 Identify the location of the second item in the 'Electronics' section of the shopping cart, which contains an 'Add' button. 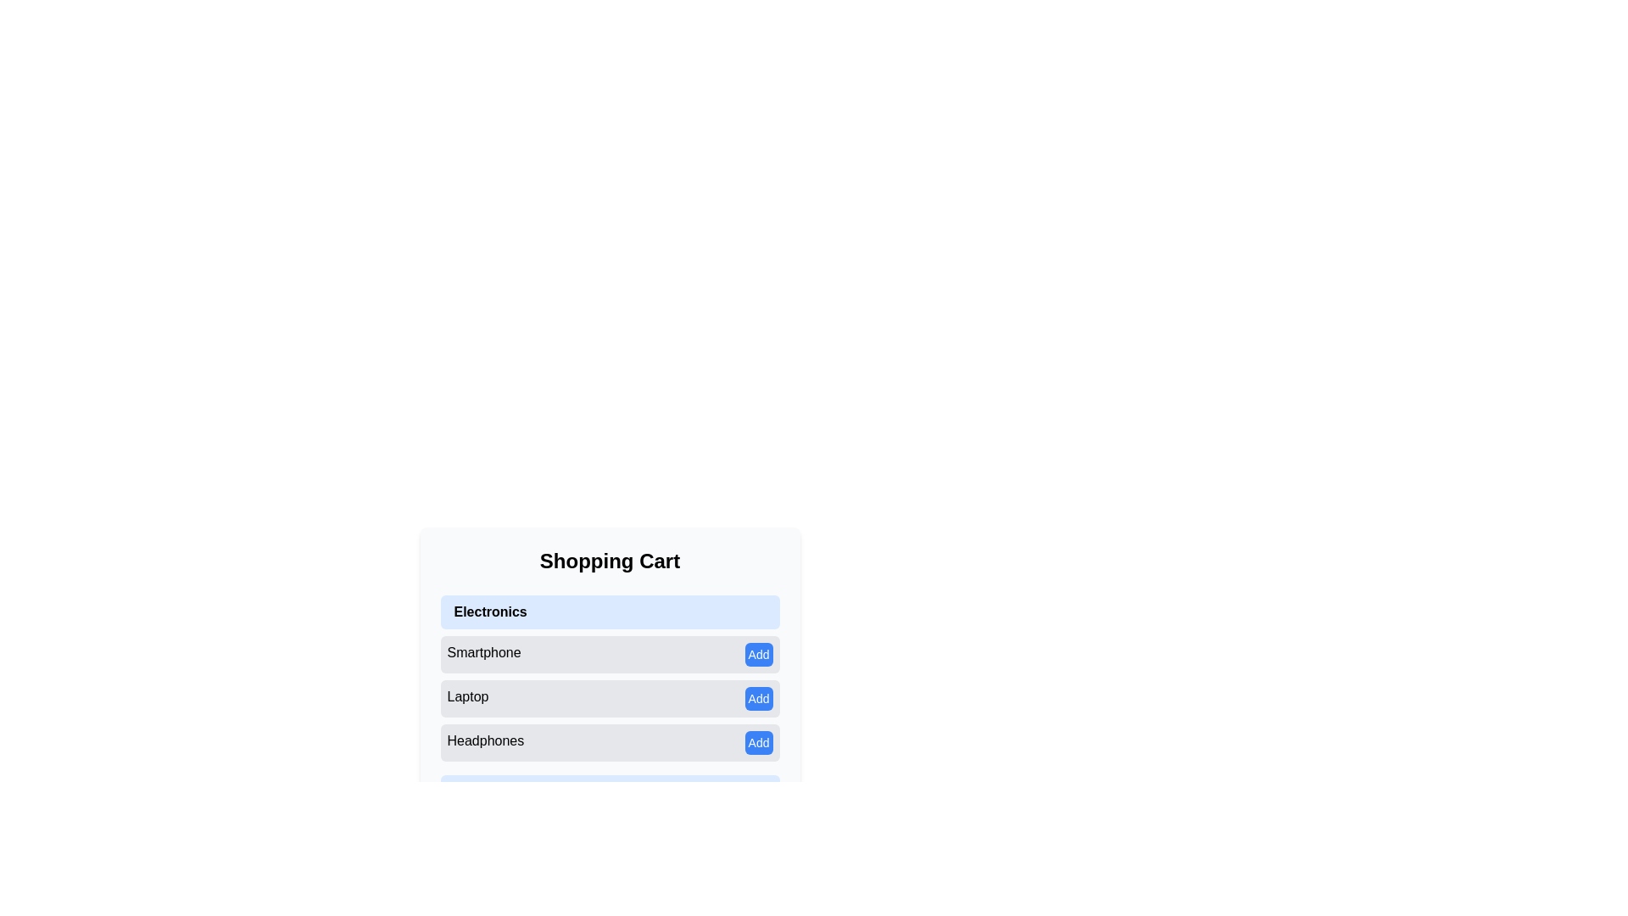
(610, 677).